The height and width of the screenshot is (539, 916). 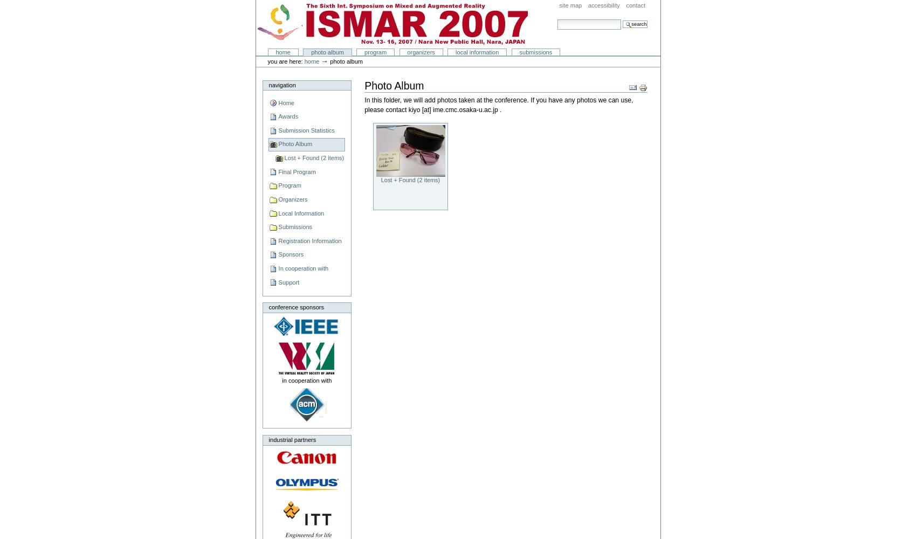 I want to click on 'Contact', so click(x=625, y=5).